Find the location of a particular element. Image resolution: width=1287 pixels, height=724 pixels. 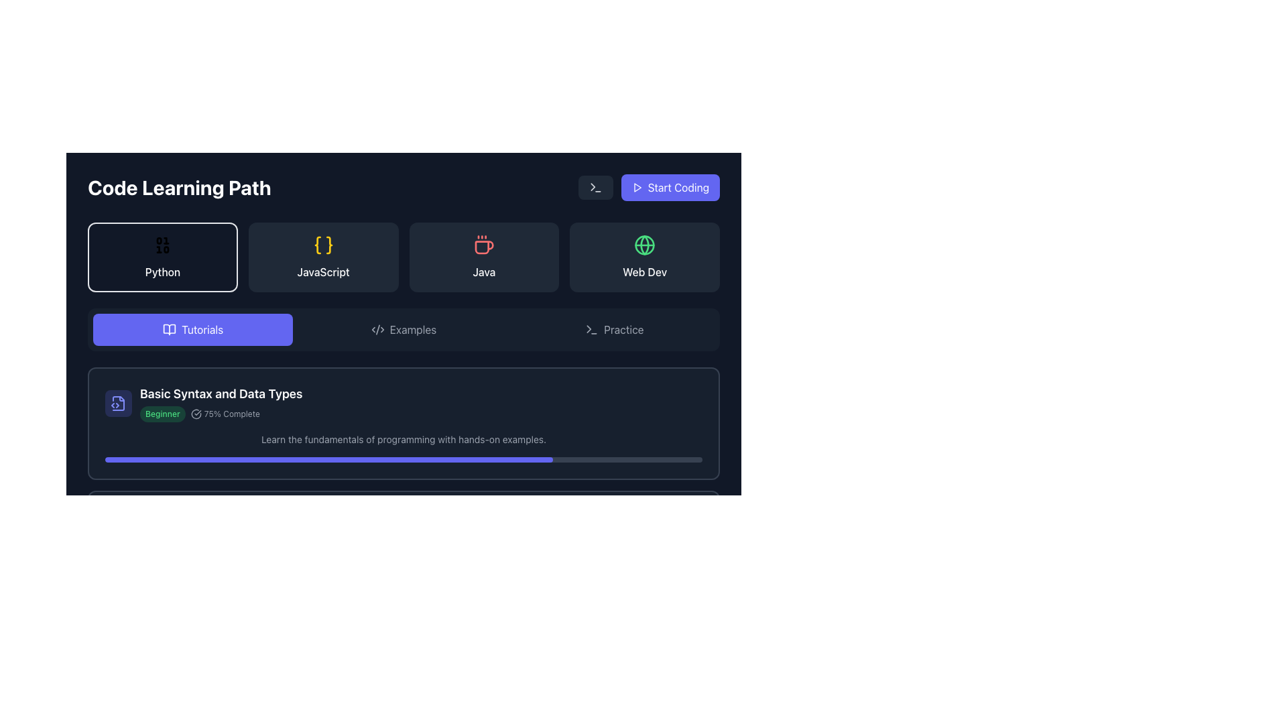

the SVG chevron component of the terminal icon located at the top right corner of the interface, adjacent to the 'Start Coding' button is located at coordinates (592, 187).